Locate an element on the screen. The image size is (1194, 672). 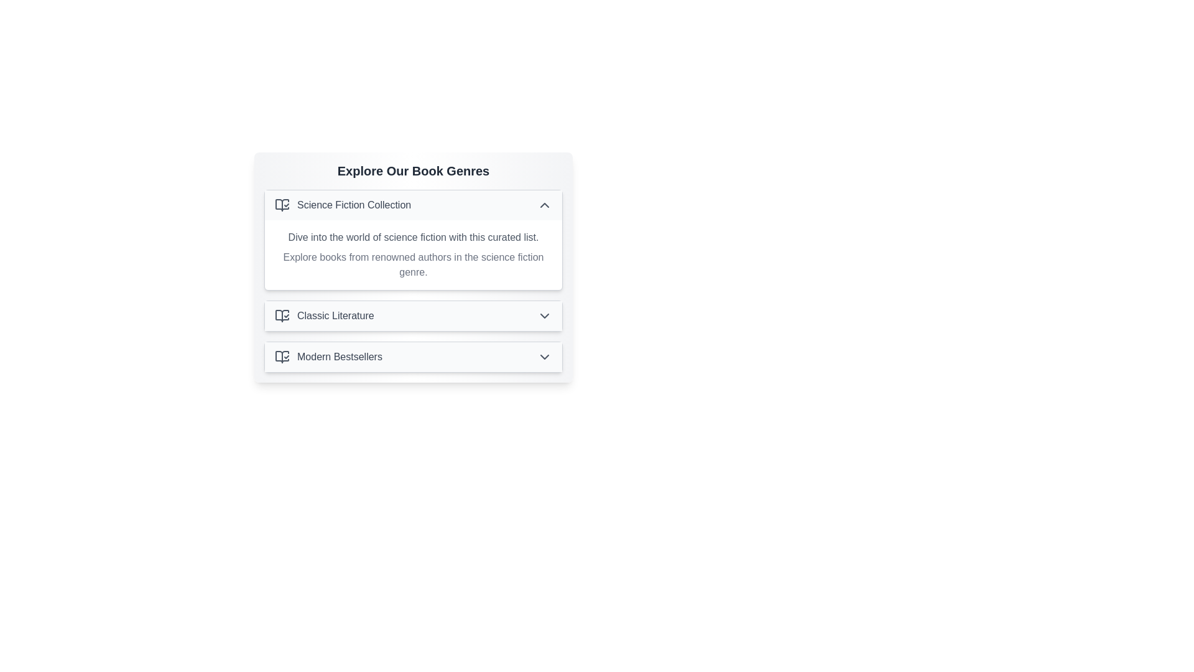
the book icon with a checkmark, which is the first element in the horizontal group aligned to the left of the 'Modern Bestsellers' label is located at coordinates (282, 357).